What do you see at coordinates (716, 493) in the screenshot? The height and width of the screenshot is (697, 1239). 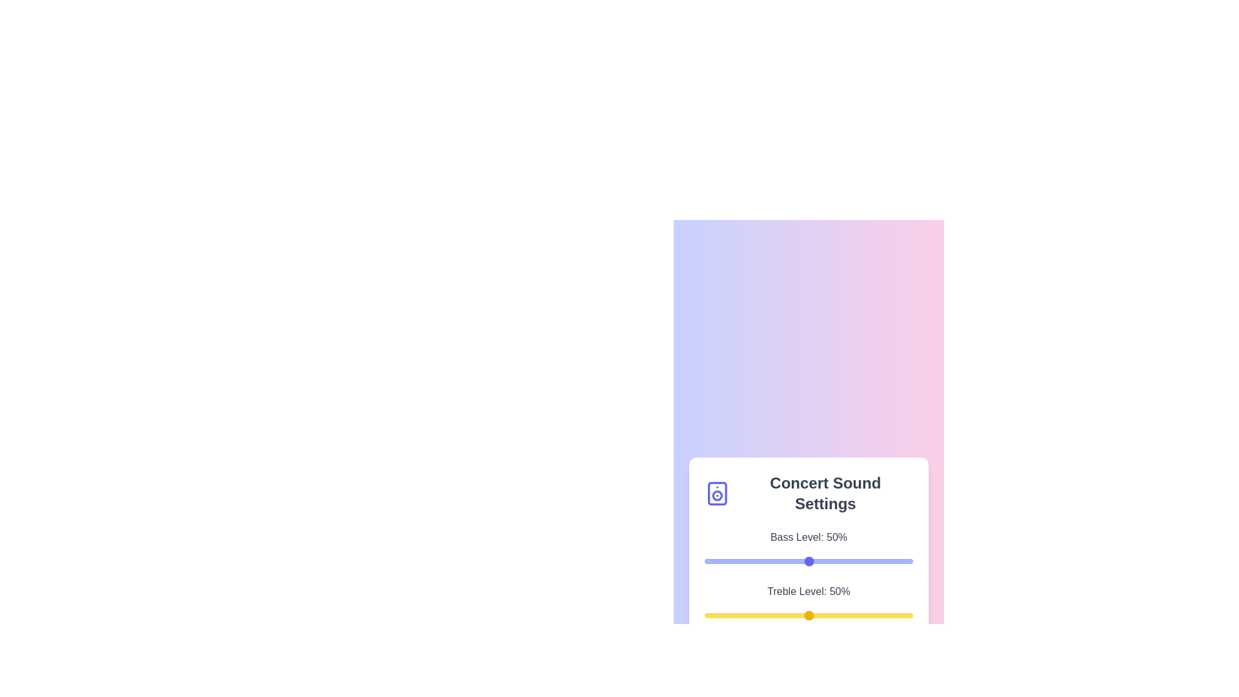 I see `the speaker icon` at bounding box center [716, 493].